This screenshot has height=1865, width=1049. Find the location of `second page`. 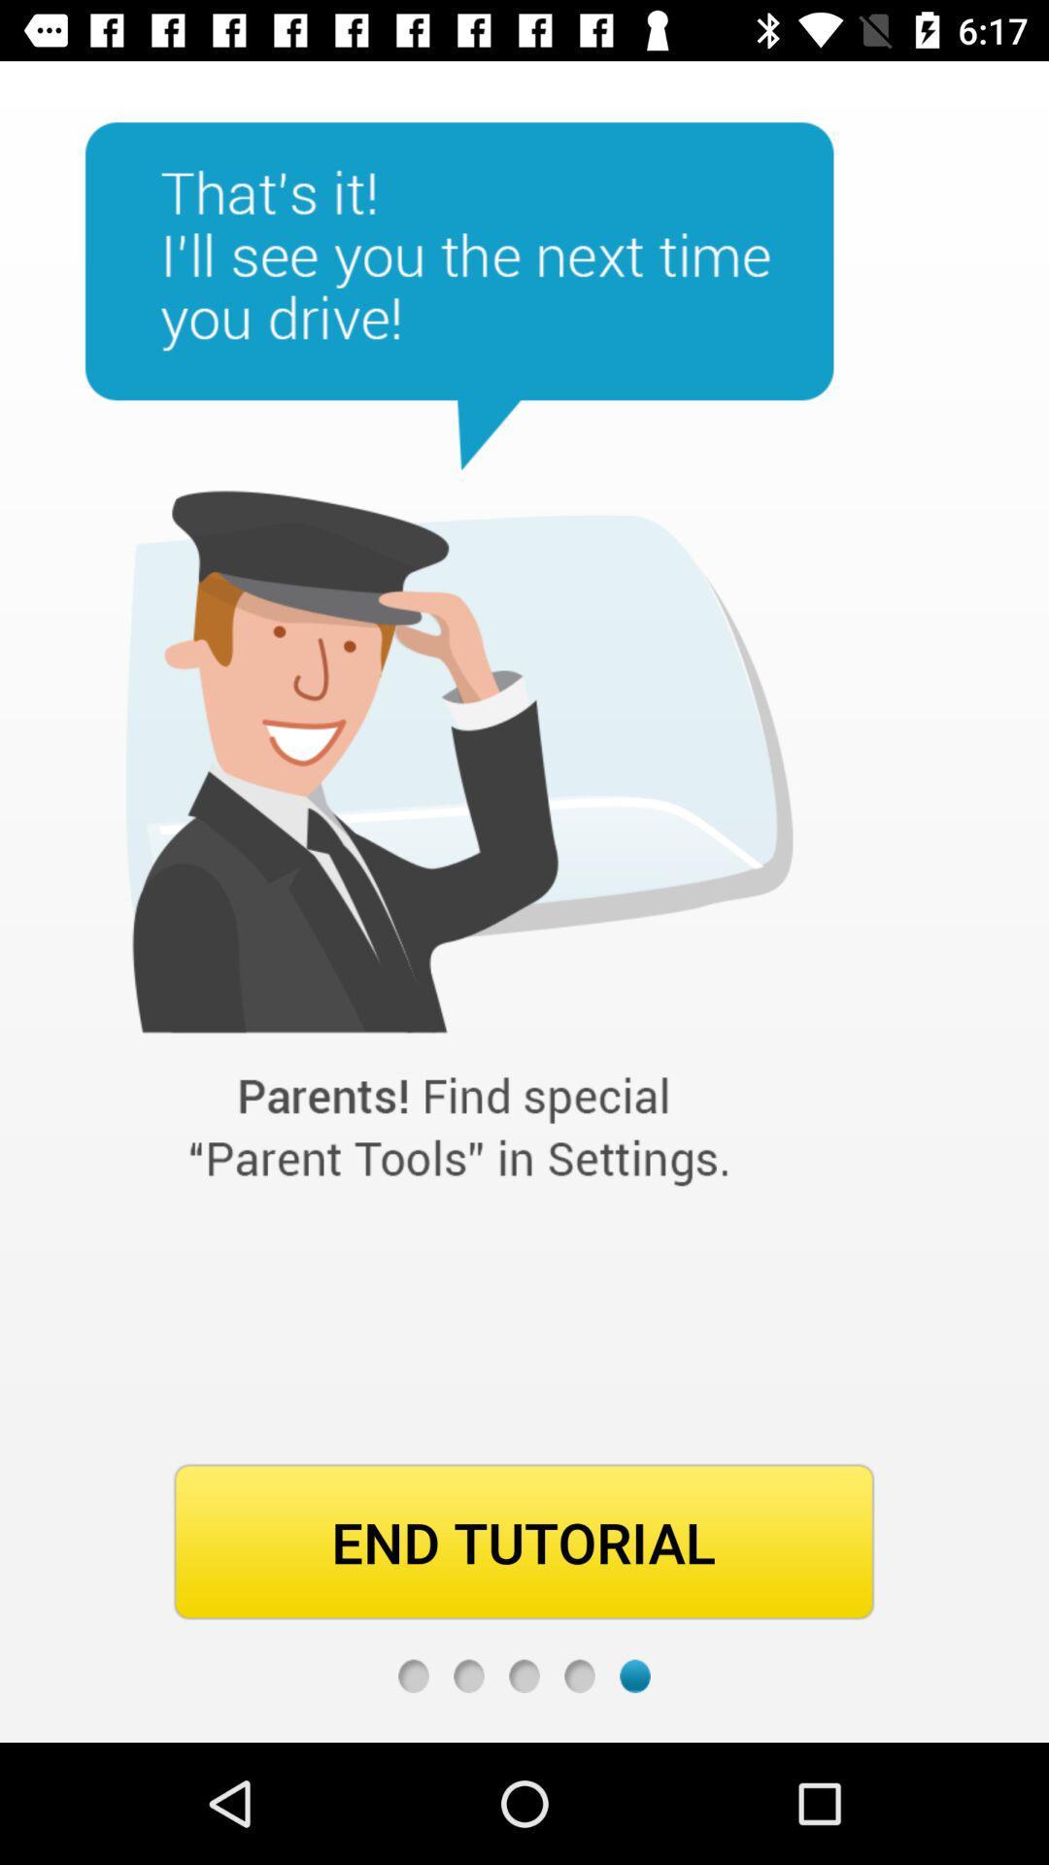

second page is located at coordinates (468, 1675).